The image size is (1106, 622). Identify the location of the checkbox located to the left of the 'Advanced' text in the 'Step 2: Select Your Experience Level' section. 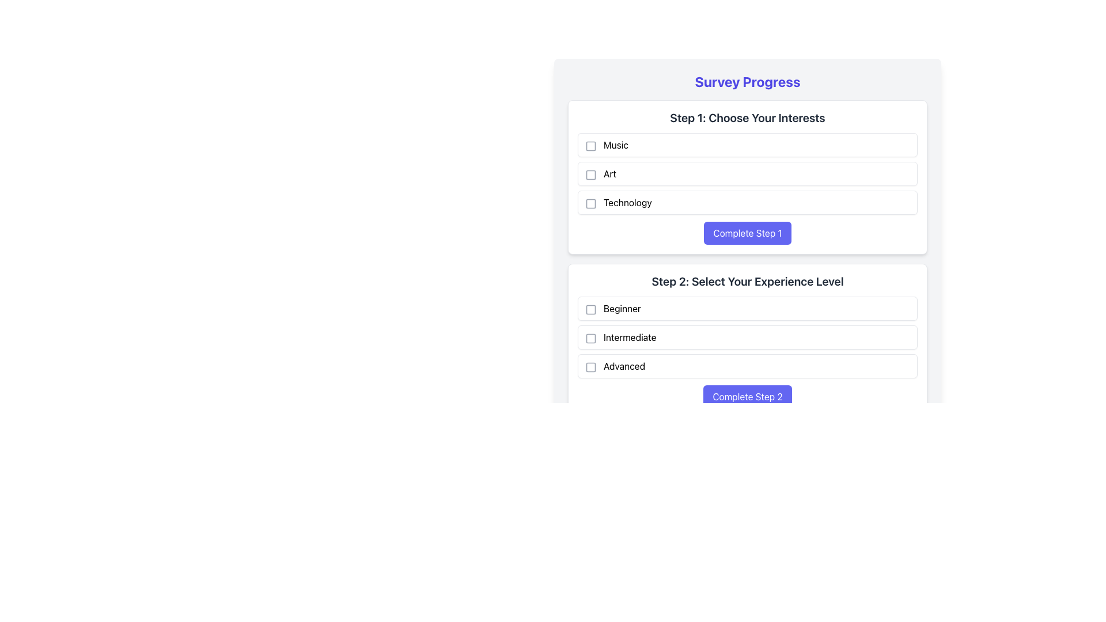
(591, 366).